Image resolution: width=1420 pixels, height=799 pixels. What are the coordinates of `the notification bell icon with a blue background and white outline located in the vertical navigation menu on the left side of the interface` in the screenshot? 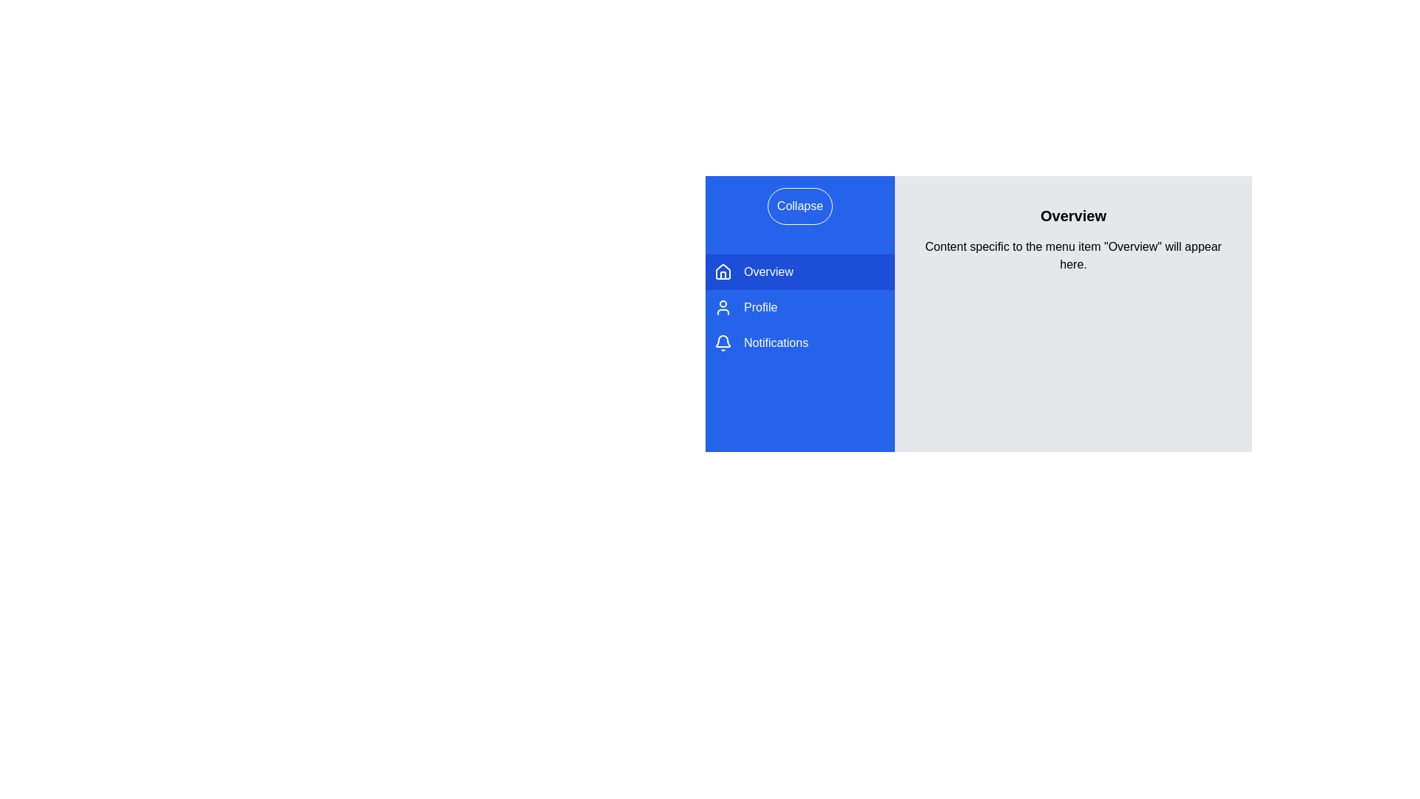 It's located at (723, 341).